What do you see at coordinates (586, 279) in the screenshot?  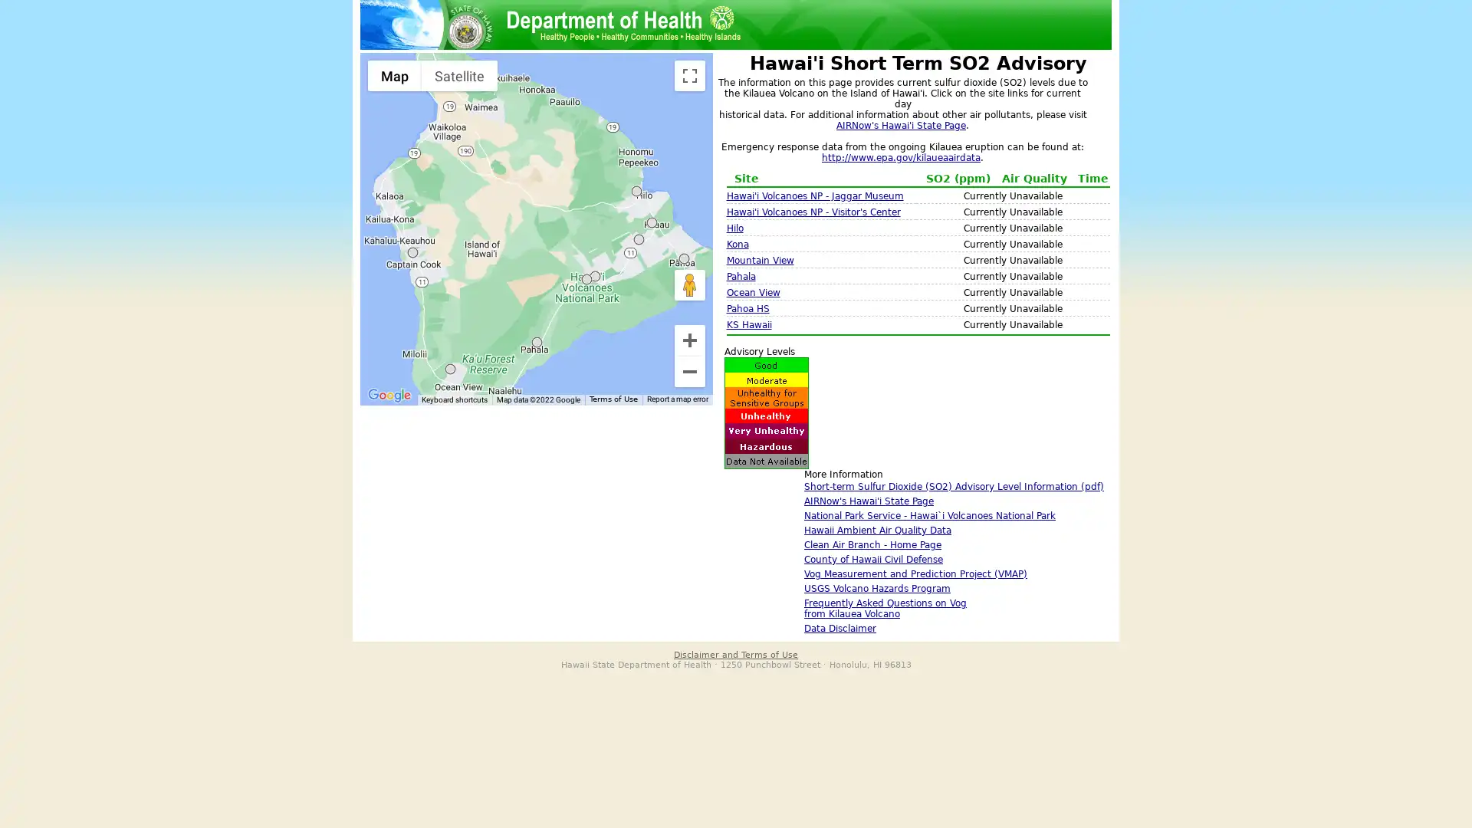 I see `Hawaii Volcanoes NP - Observatory: No Data` at bounding box center [586, 279].